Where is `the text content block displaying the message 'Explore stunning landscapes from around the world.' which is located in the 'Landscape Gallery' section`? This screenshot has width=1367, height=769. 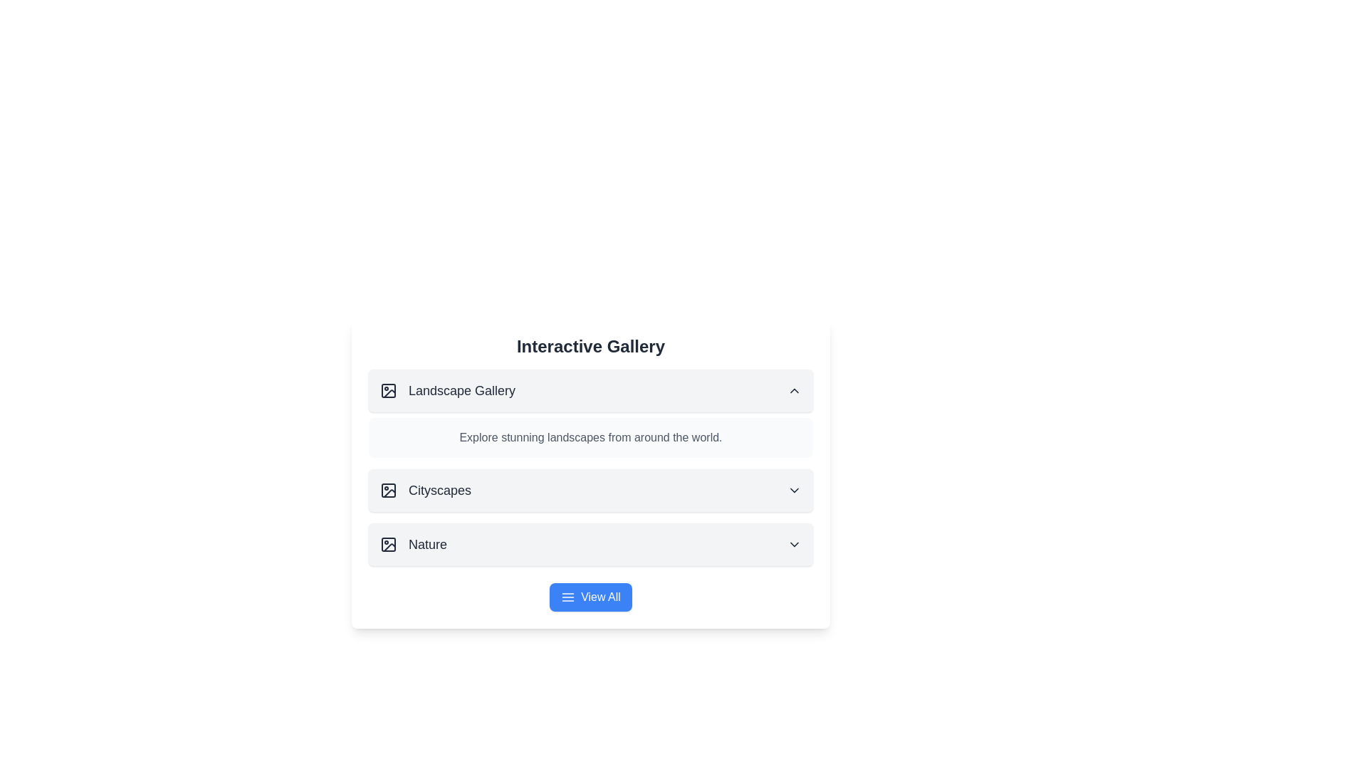
the text content block displaying the message 'Explore stunning landscapes from around the world.' which is located in the 'Landscape Gallery' section is located at coordinates (591, 436).